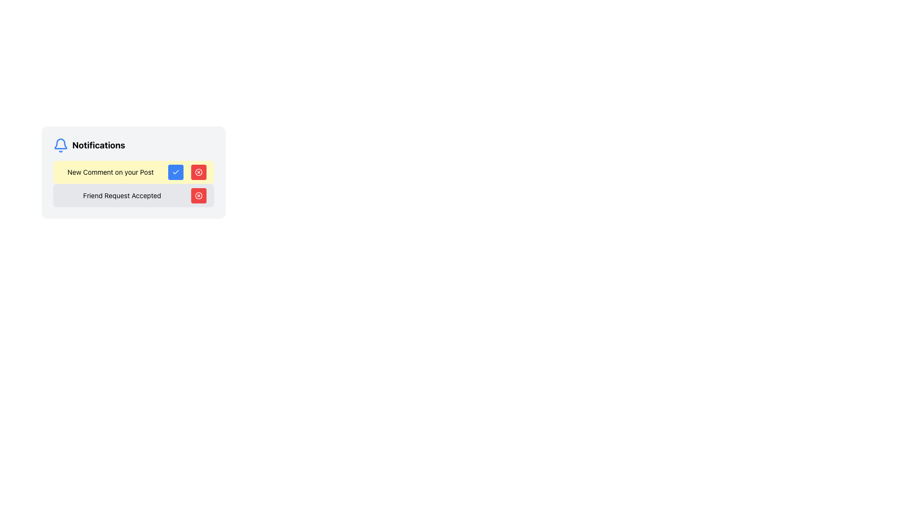 Image resolution: width=920 pixels, height=517 pixels. Describe the element at coordinates (110, 171) in the screenshot. I see `the text label displaying 'New Comment on your Post' which has a light yellow background and is located at the top of the notification list` at that location.